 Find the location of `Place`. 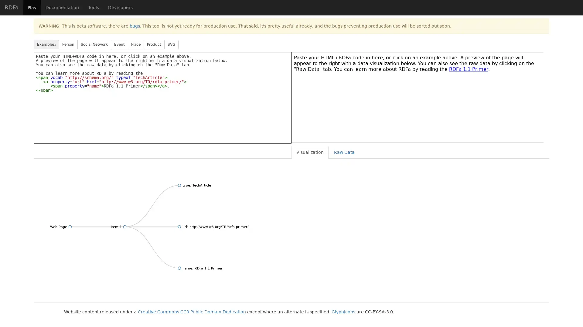

Place is located at coordinates (135, 44).